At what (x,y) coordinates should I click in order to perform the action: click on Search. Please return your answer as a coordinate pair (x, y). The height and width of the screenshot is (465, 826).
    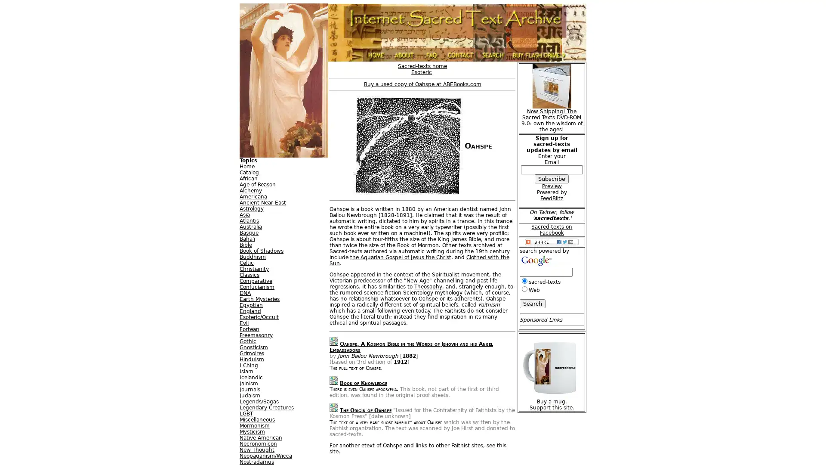
    Looking at the image, I should click on (532, 303).